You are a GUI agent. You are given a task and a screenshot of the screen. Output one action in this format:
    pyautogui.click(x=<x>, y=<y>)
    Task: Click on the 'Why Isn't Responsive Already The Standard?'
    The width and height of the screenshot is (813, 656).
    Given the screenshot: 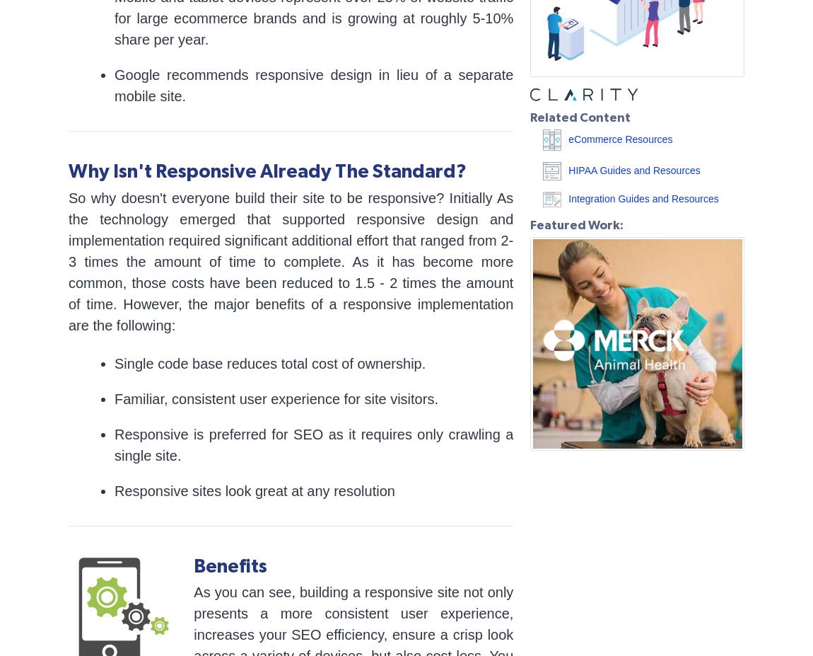 What is the action you would take?
    pyautogui.click(x=67, y=171)
    